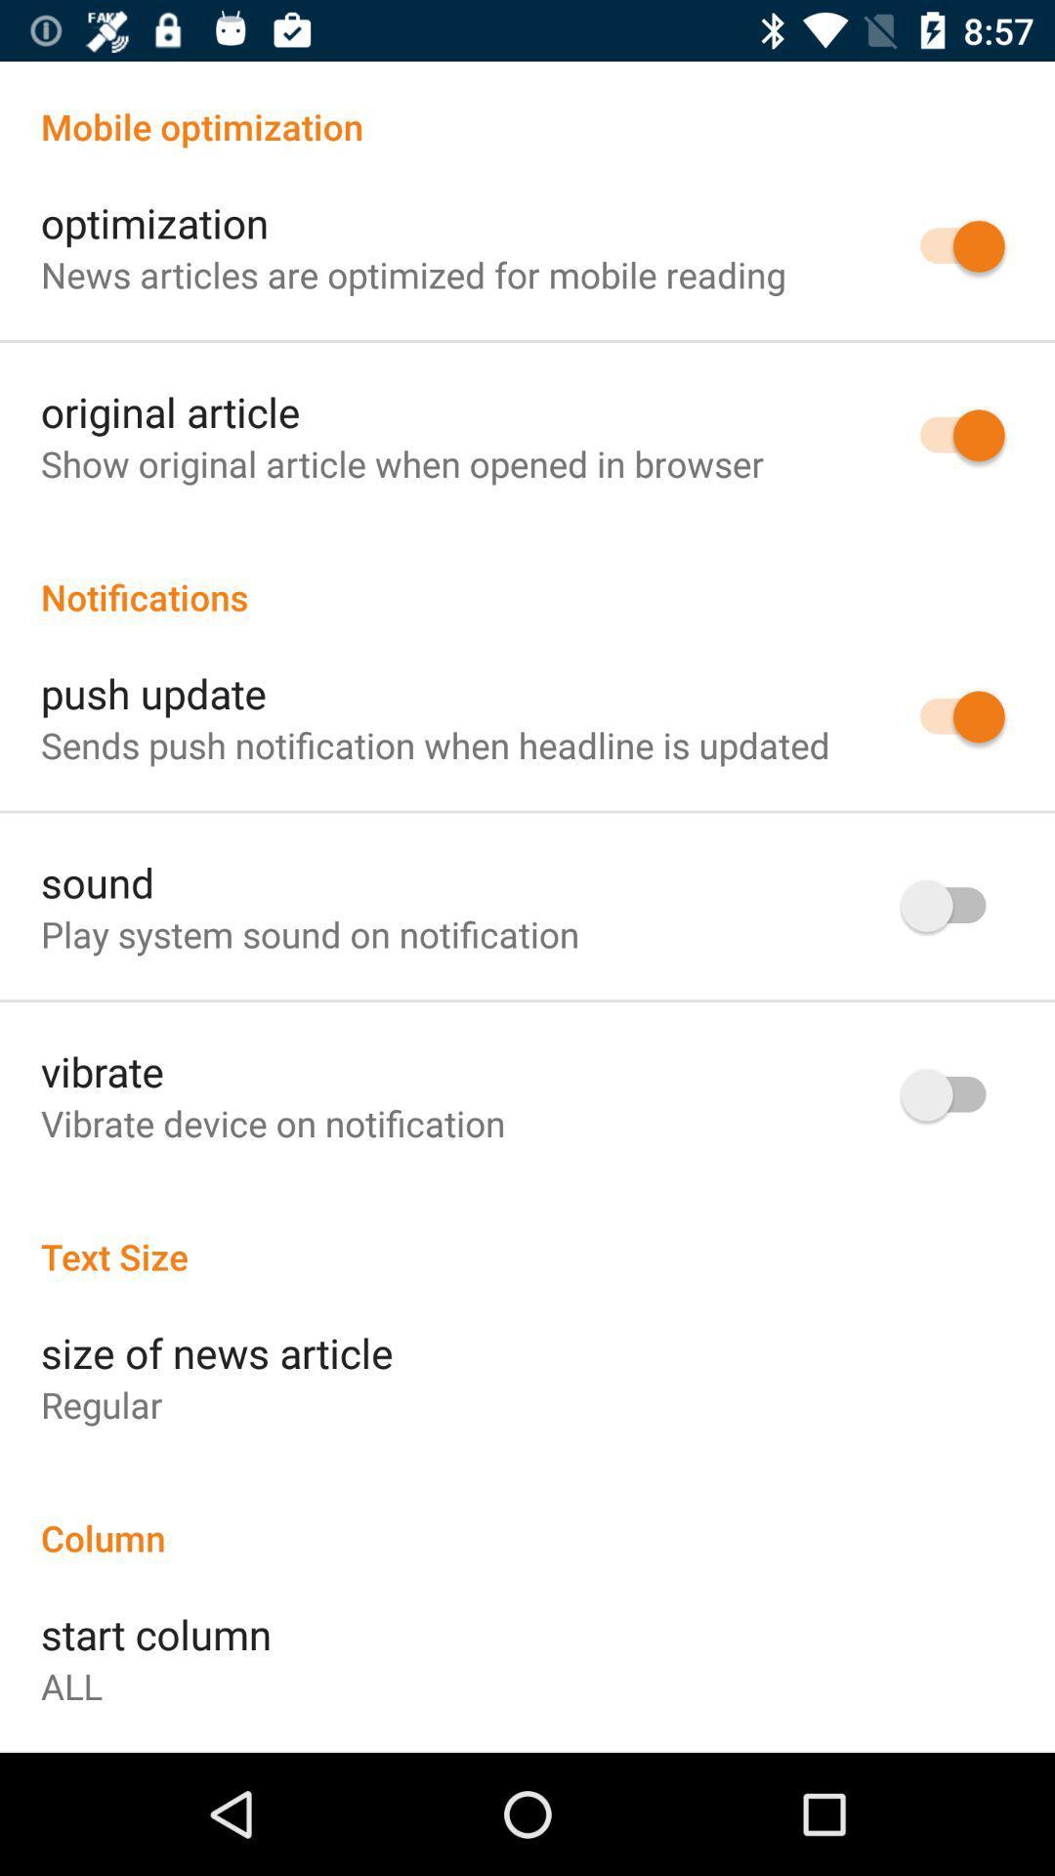 Image resolution: width=1055 pixels, height=1876 pixels. What do you see at coordinates (412, 274) in the screenshot?
I see `the news articles are item` at bounding box center [412, 274].